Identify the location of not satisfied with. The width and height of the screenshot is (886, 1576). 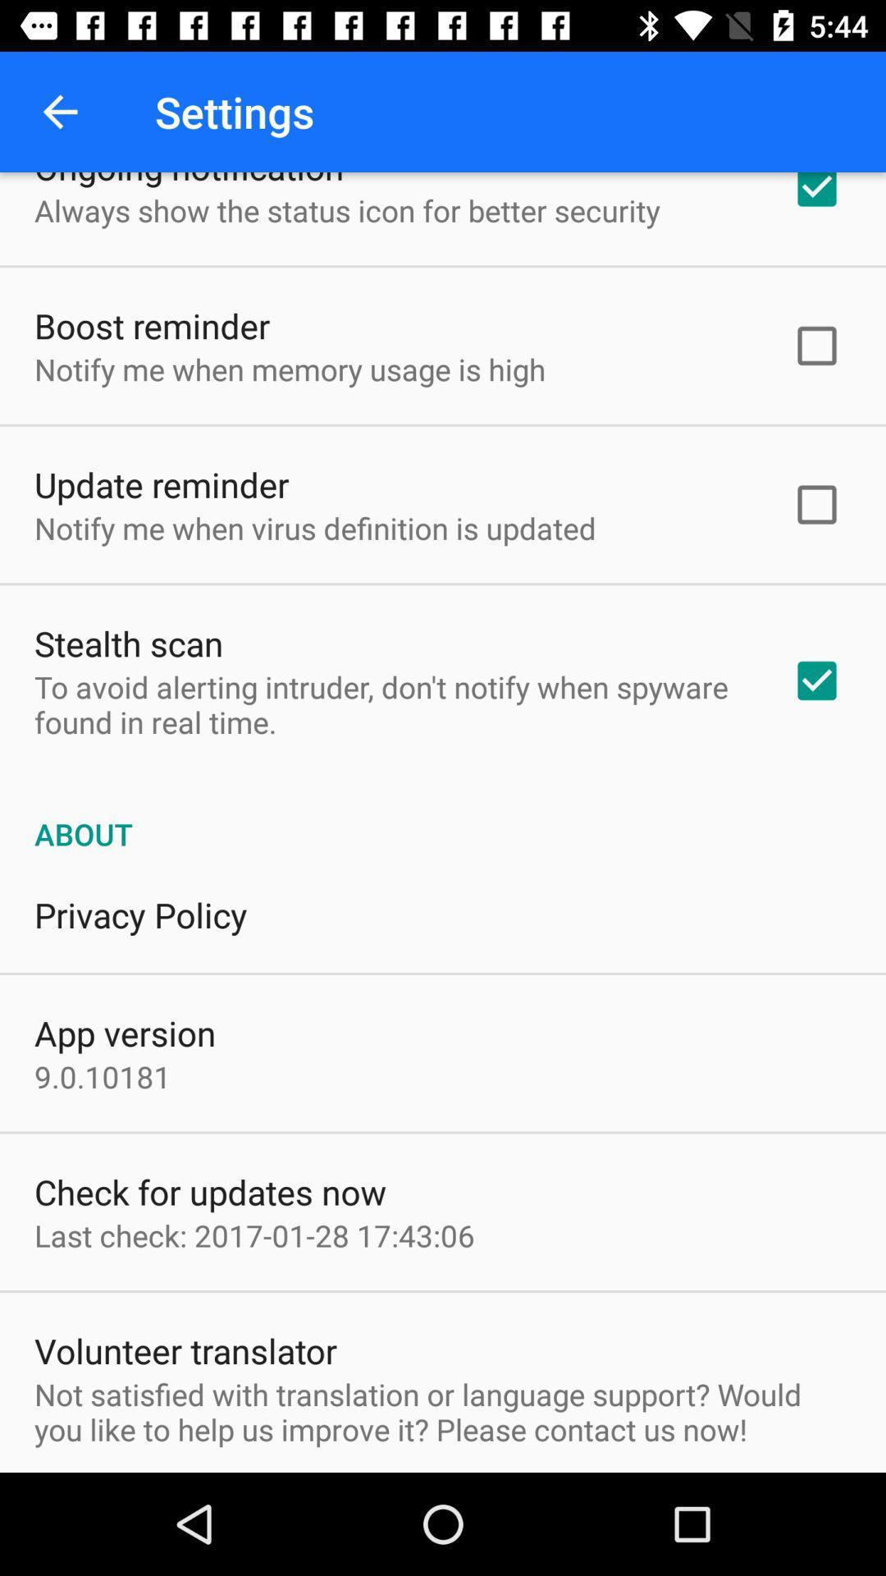
(443, 1411).